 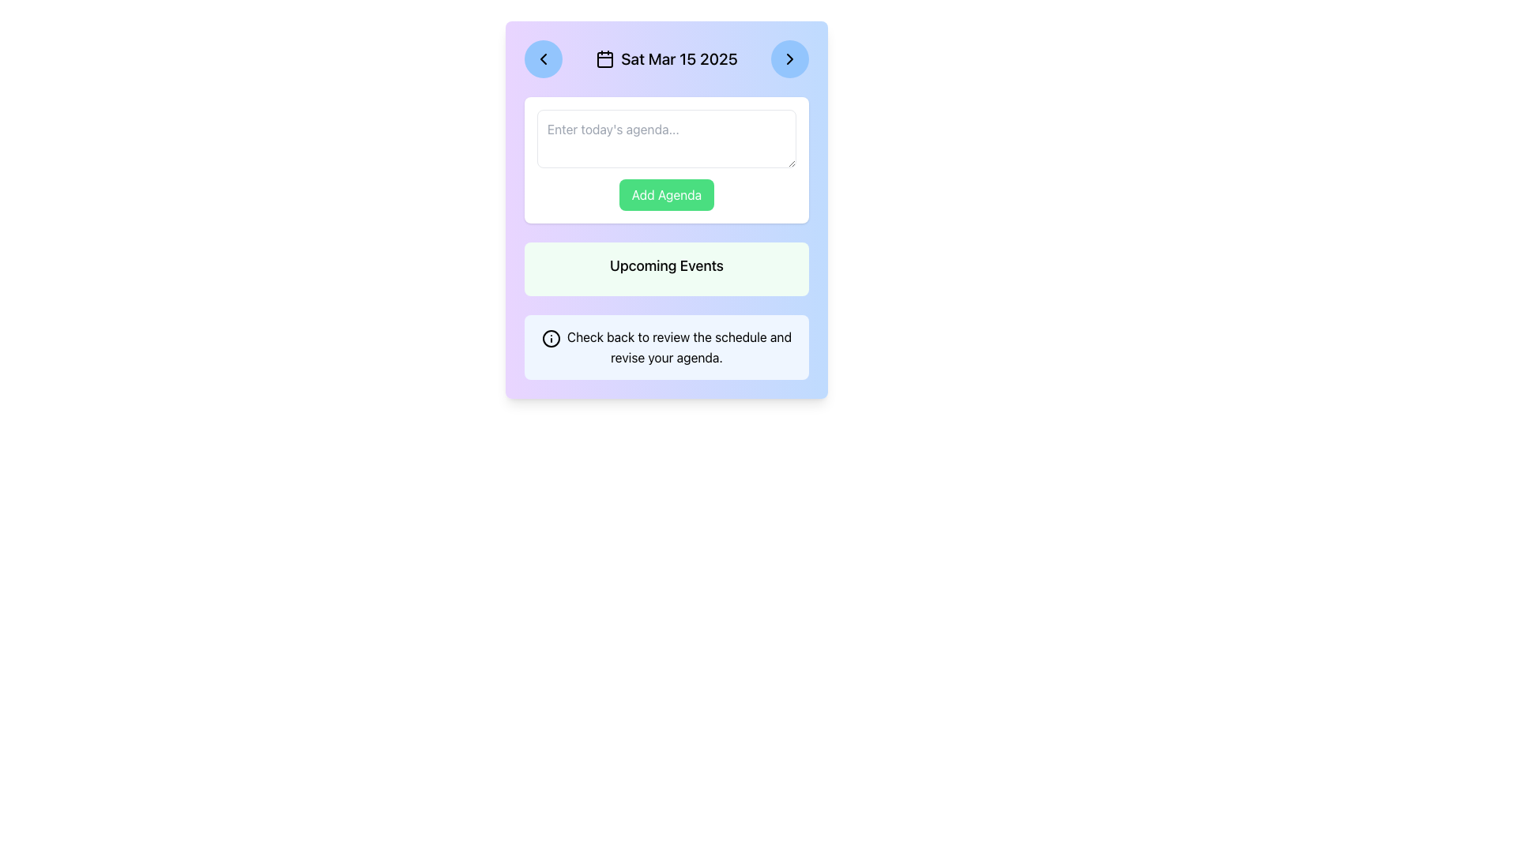 What do you see at coordinates (667, 58) in the screenshot?
I see `the static text display indicating the selected date for the agenda, which shows 'Sat Mar 15 2025' and is located in the header section of the main card layout` at bounding box center [667, 58].